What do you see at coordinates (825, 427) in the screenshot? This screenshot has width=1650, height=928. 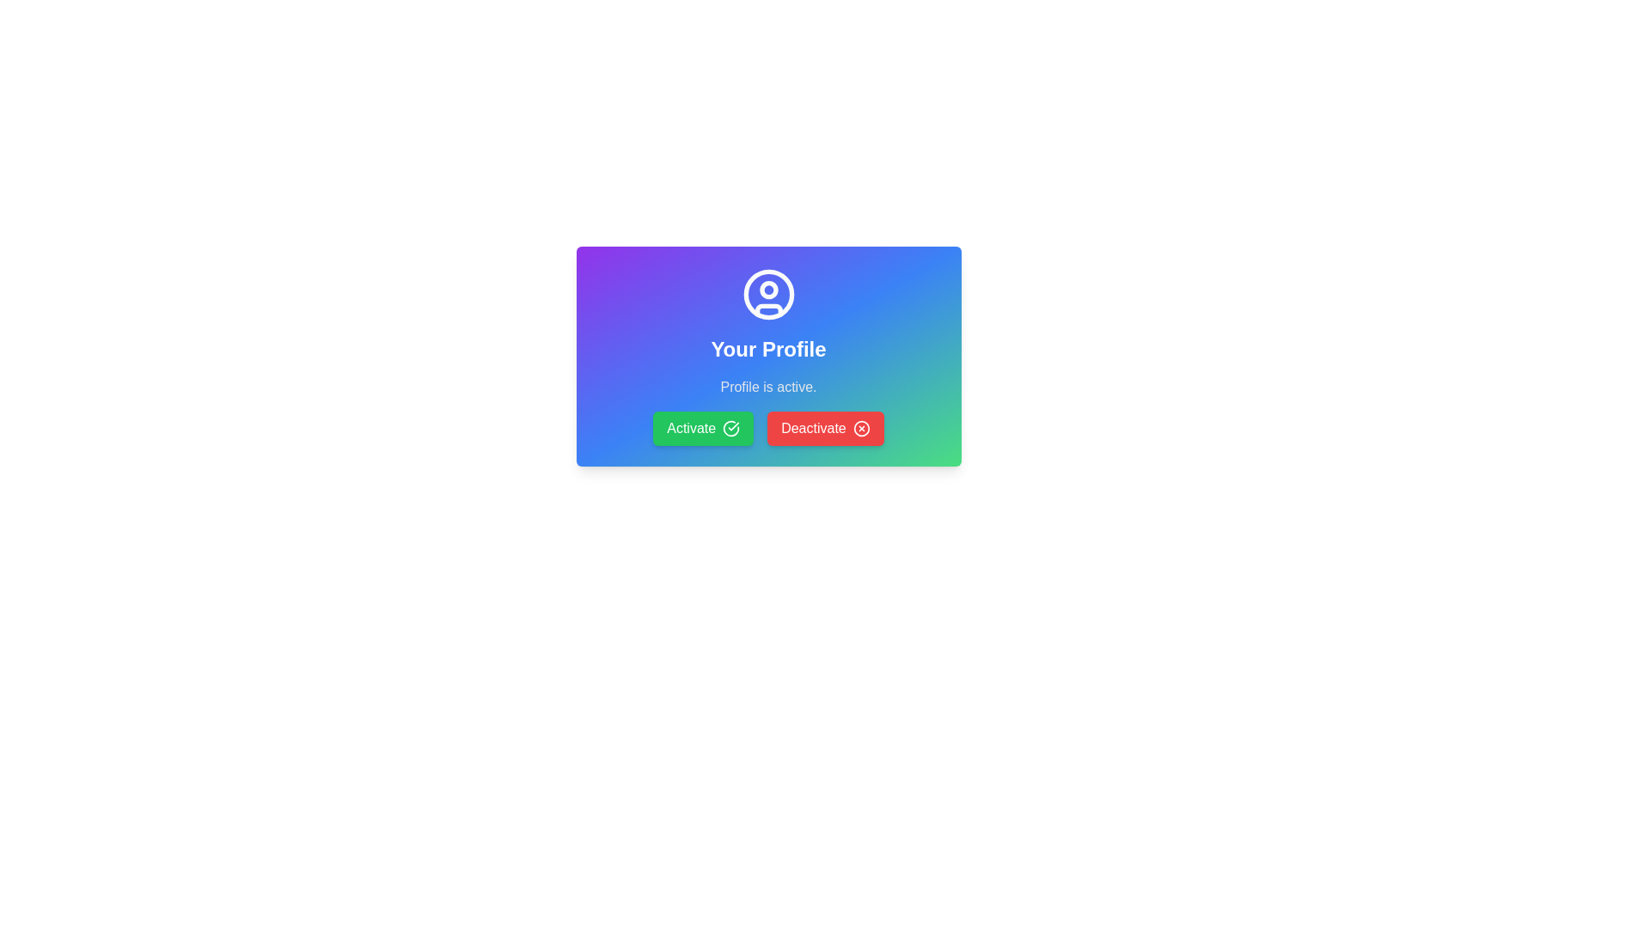 I see `the red 'Deactivate' button with white text and an 'X' icon` at bounding box center [825, 427].